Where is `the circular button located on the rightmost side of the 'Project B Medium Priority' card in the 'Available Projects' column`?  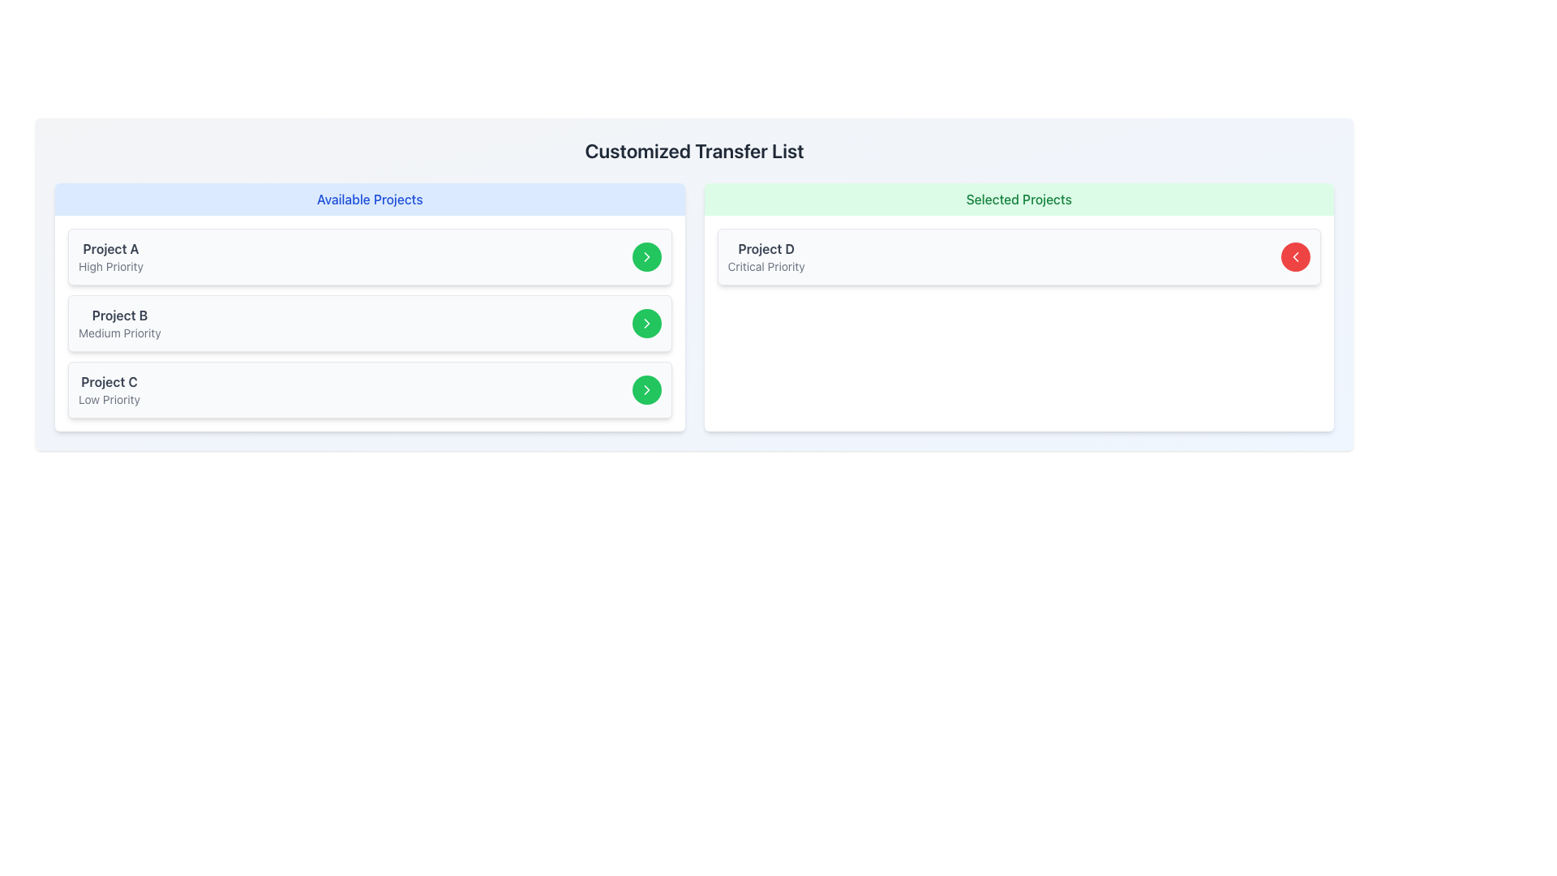 the circular button located on the rightmost side of the 'Project B Medium Priority' card in the 'Available Projects' column is located at coordinates (646, 323).